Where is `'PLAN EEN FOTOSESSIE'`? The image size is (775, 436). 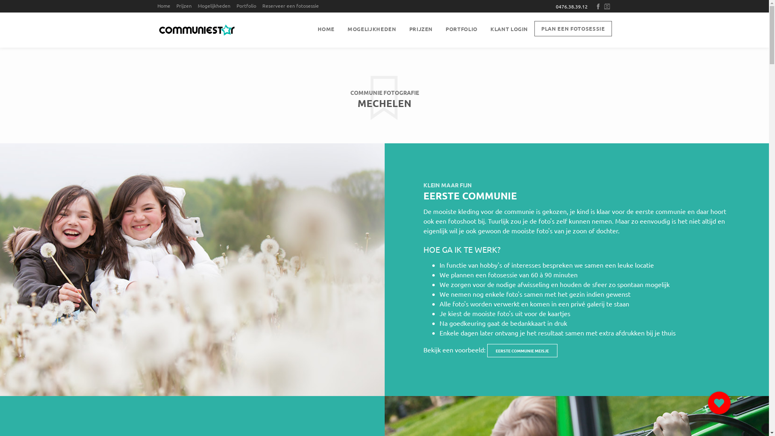
'PLAN EEN FOTOSESSIE' is located at coordinates (572, 28).